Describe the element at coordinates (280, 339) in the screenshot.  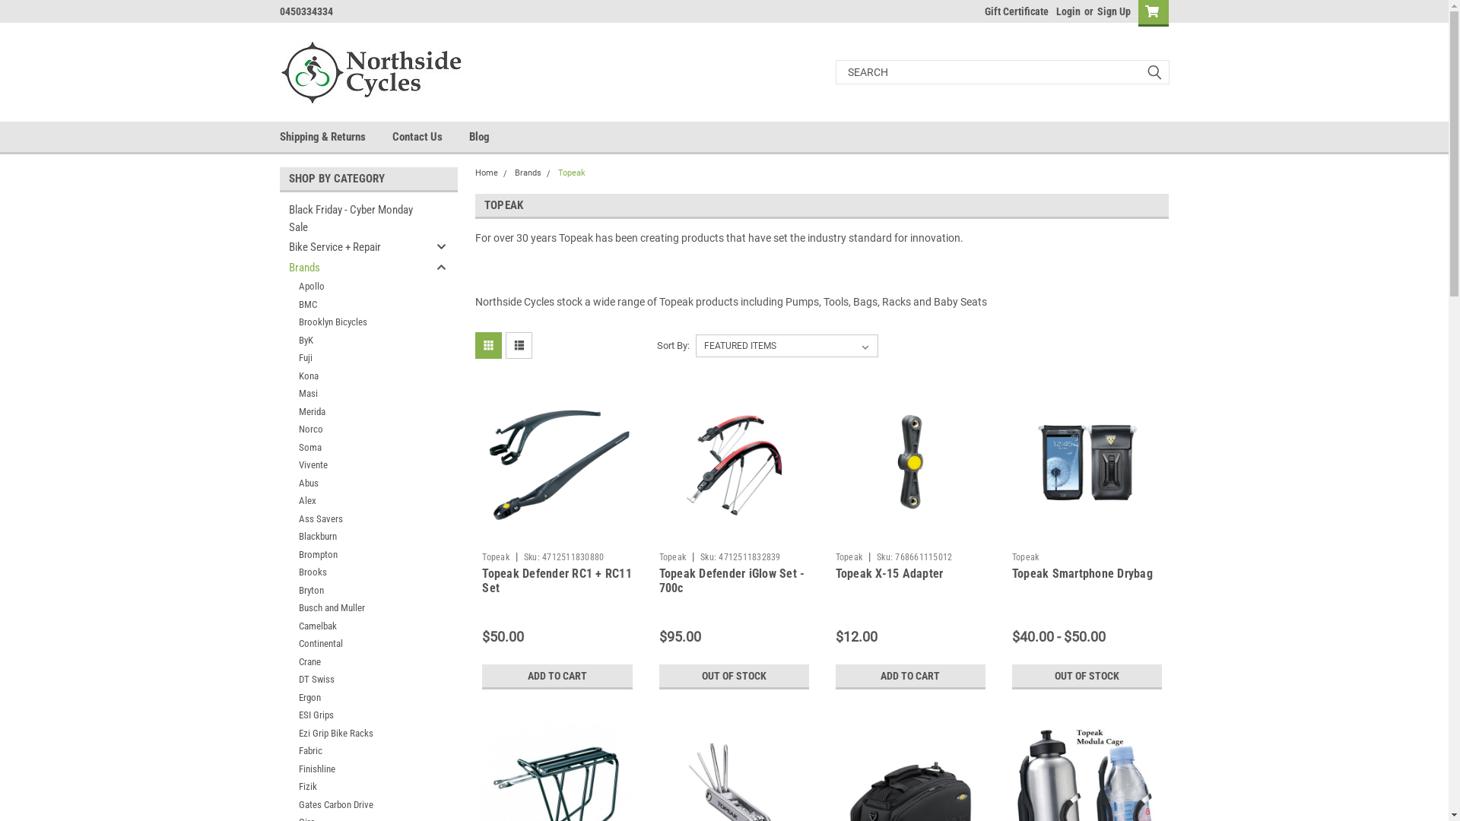
I see `'ByK'` at that location.